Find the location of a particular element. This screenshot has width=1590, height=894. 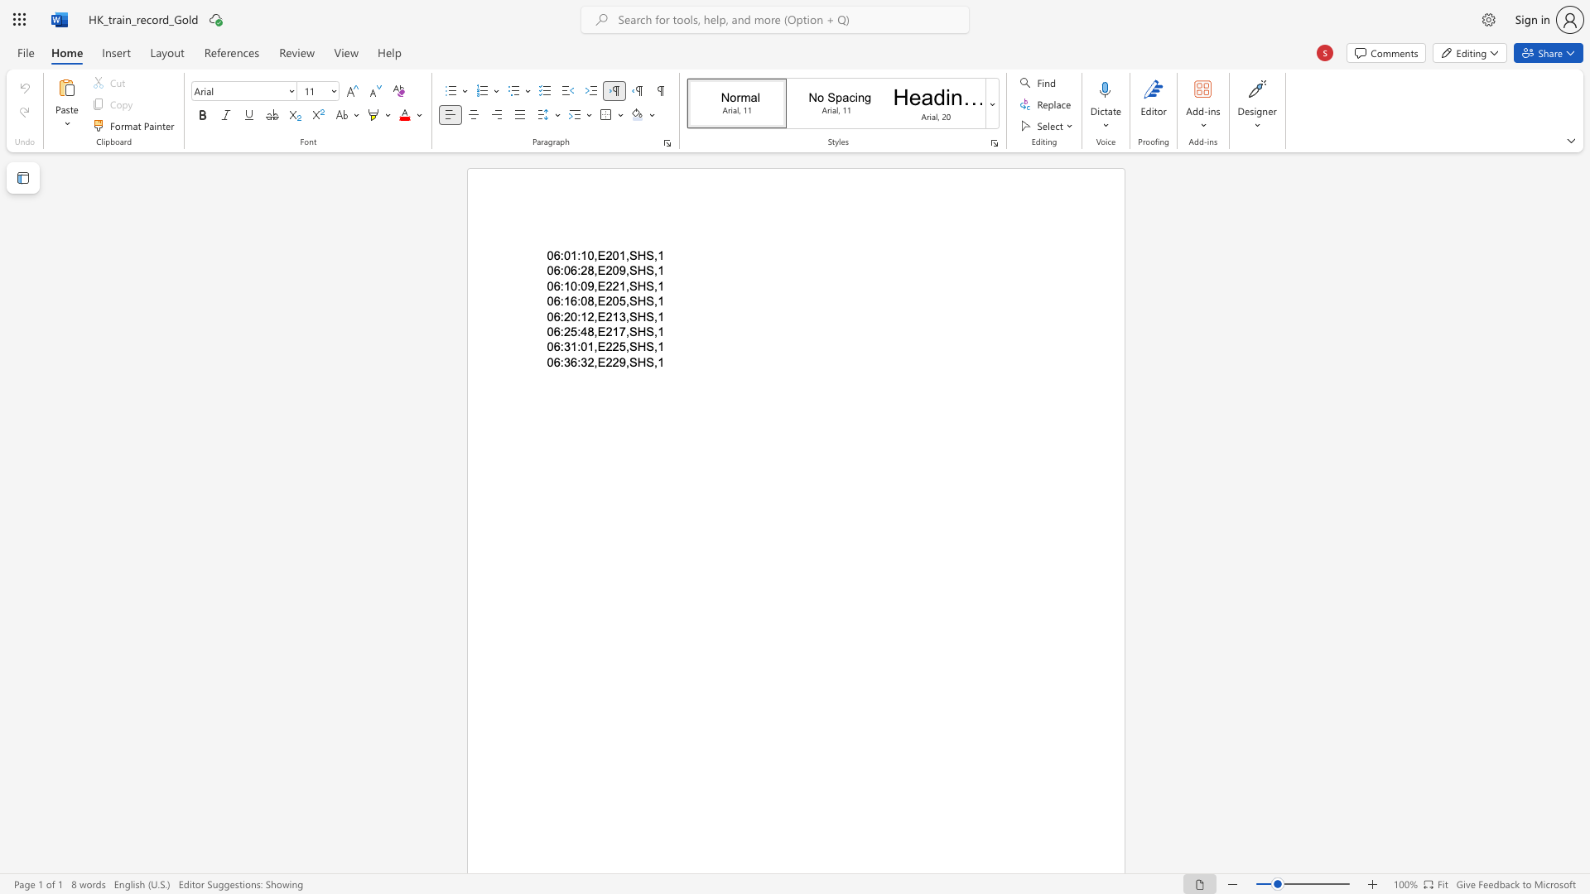

the 2th character "S" in the text is located at coordinates (649, 332).